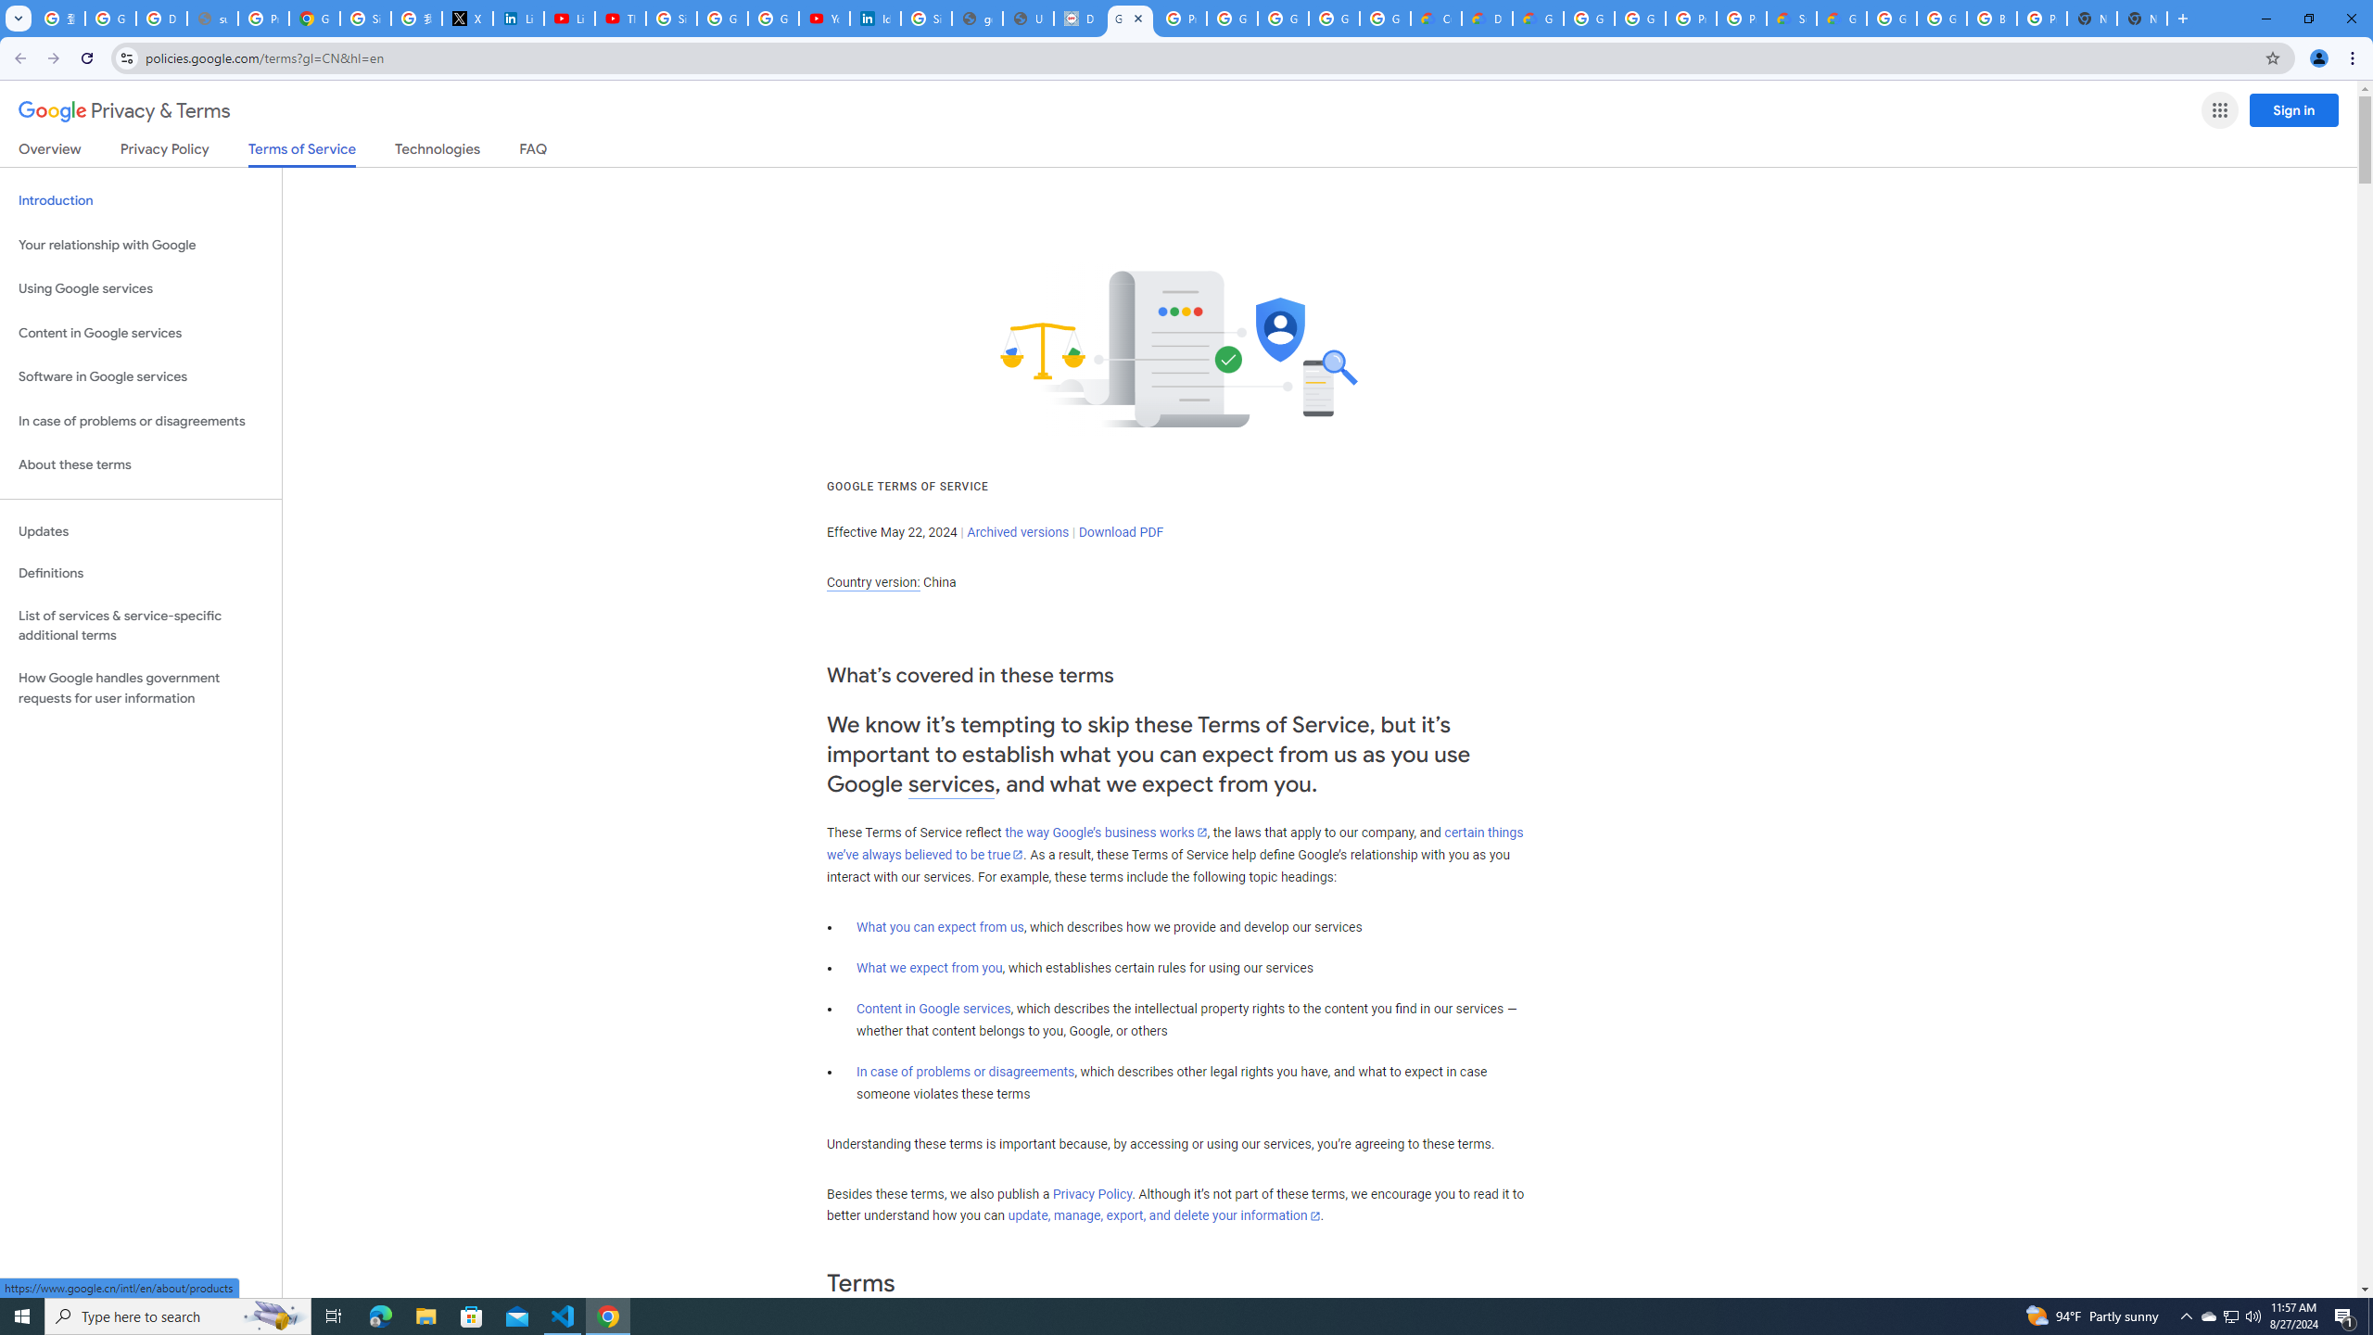 The height and width of the screenshot is (1335, 2373). I want to click on 'About these terms', so click(140, 464).